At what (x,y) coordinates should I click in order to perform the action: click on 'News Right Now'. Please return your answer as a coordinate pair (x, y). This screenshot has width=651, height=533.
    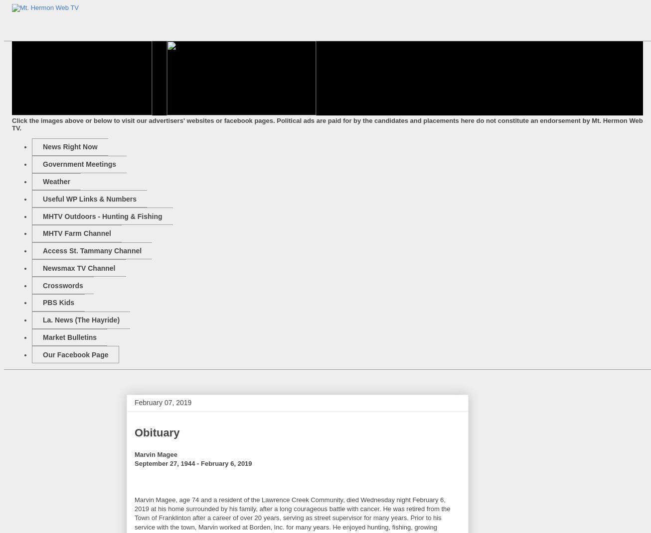
    Looking at the image, I should click on (42, 146).